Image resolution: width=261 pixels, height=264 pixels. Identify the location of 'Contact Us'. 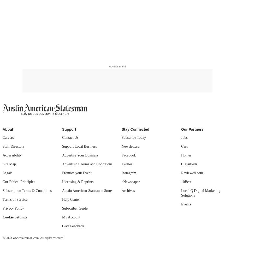
(62, 137).